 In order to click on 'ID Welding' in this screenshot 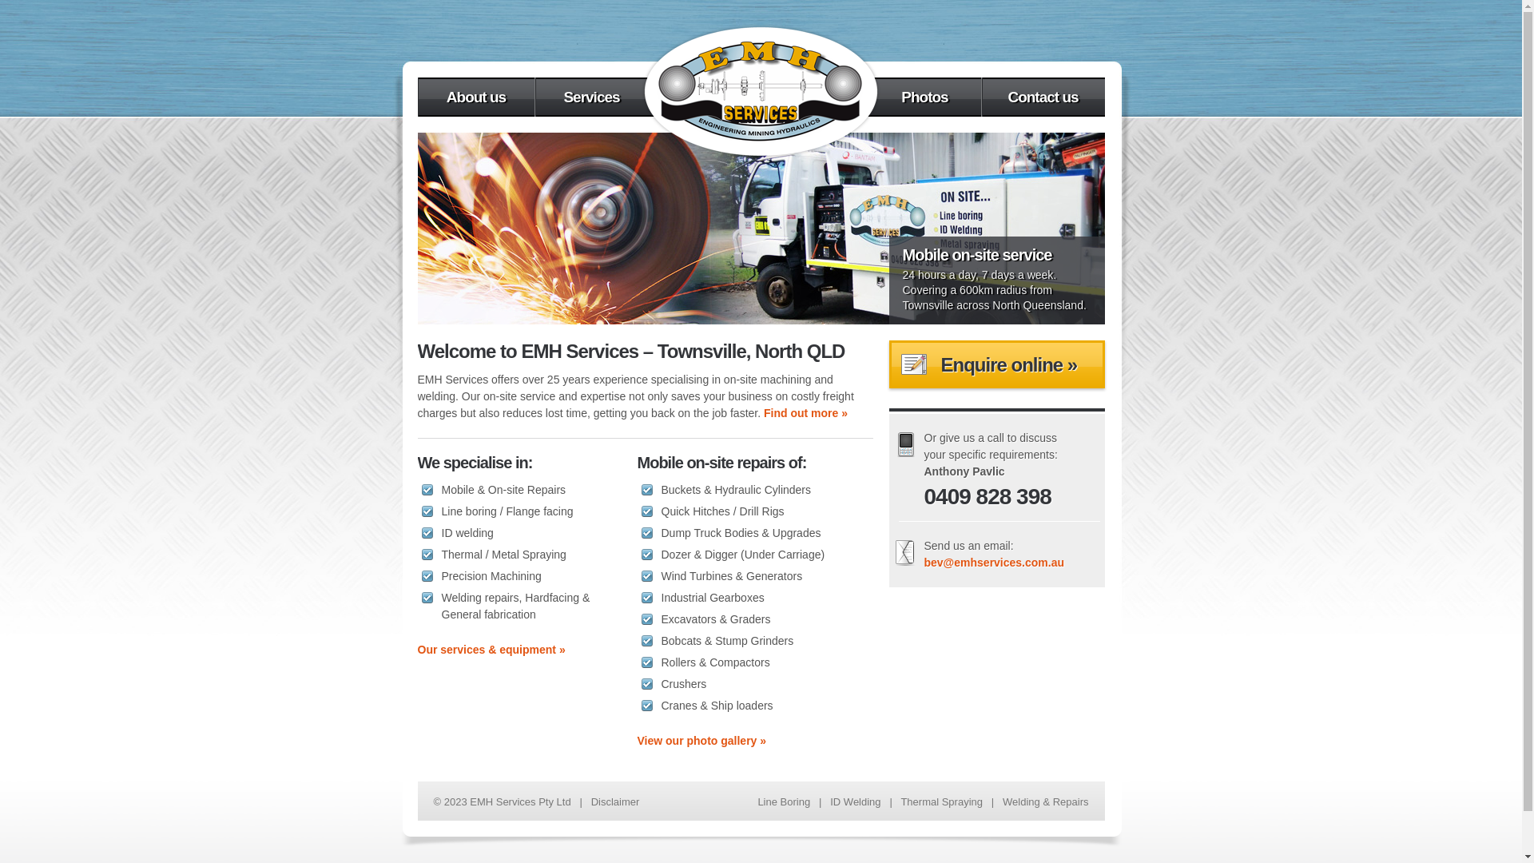, I will do `click(854, 801)`.